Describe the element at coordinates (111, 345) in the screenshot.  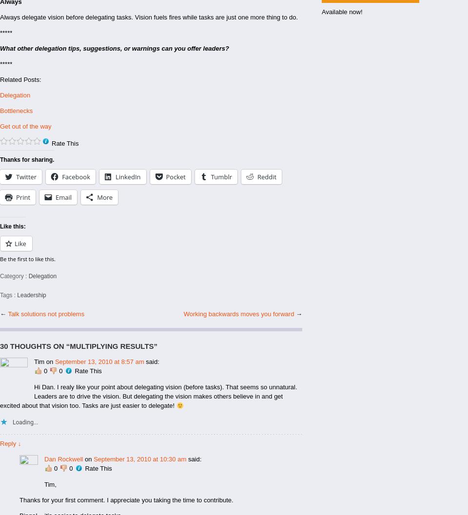
I see `'Multiplying Results'` at that location.